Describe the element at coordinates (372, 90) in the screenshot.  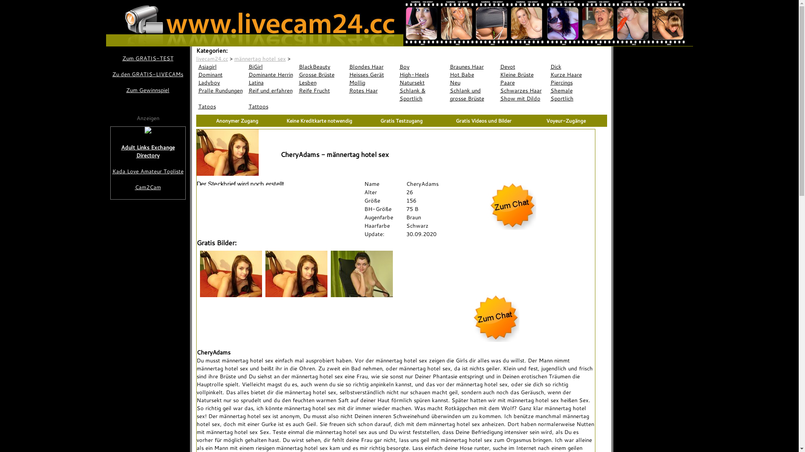
I see `'Rotes Haar'` at that location.